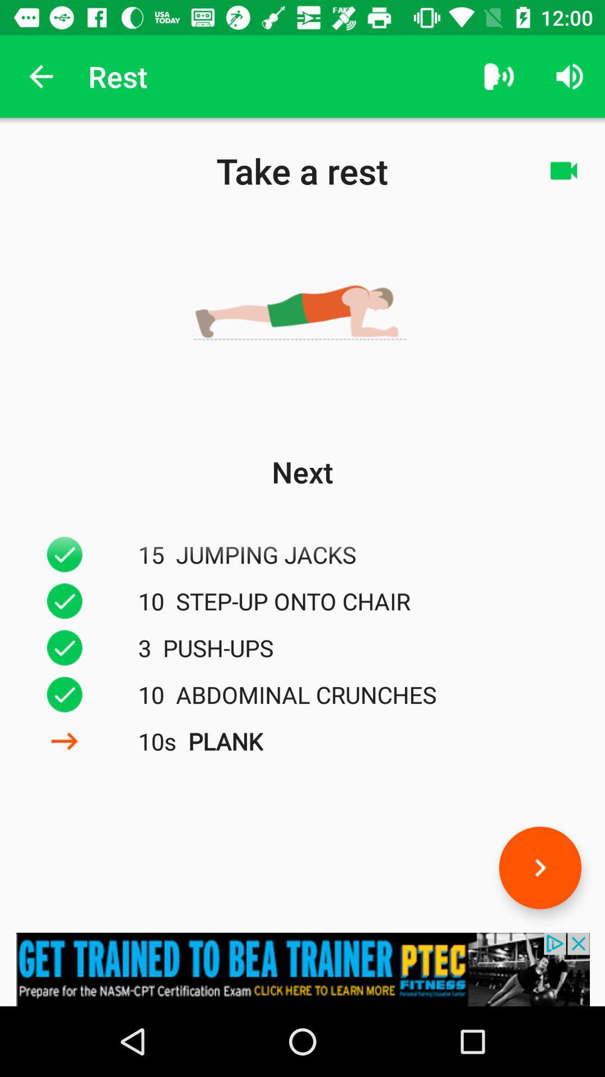 This screenshot has width=605, height=1077. What do you see at coordinates (564, 170) in the screenshot?
I see `the videocam icon` at bounding box center [564, 170].